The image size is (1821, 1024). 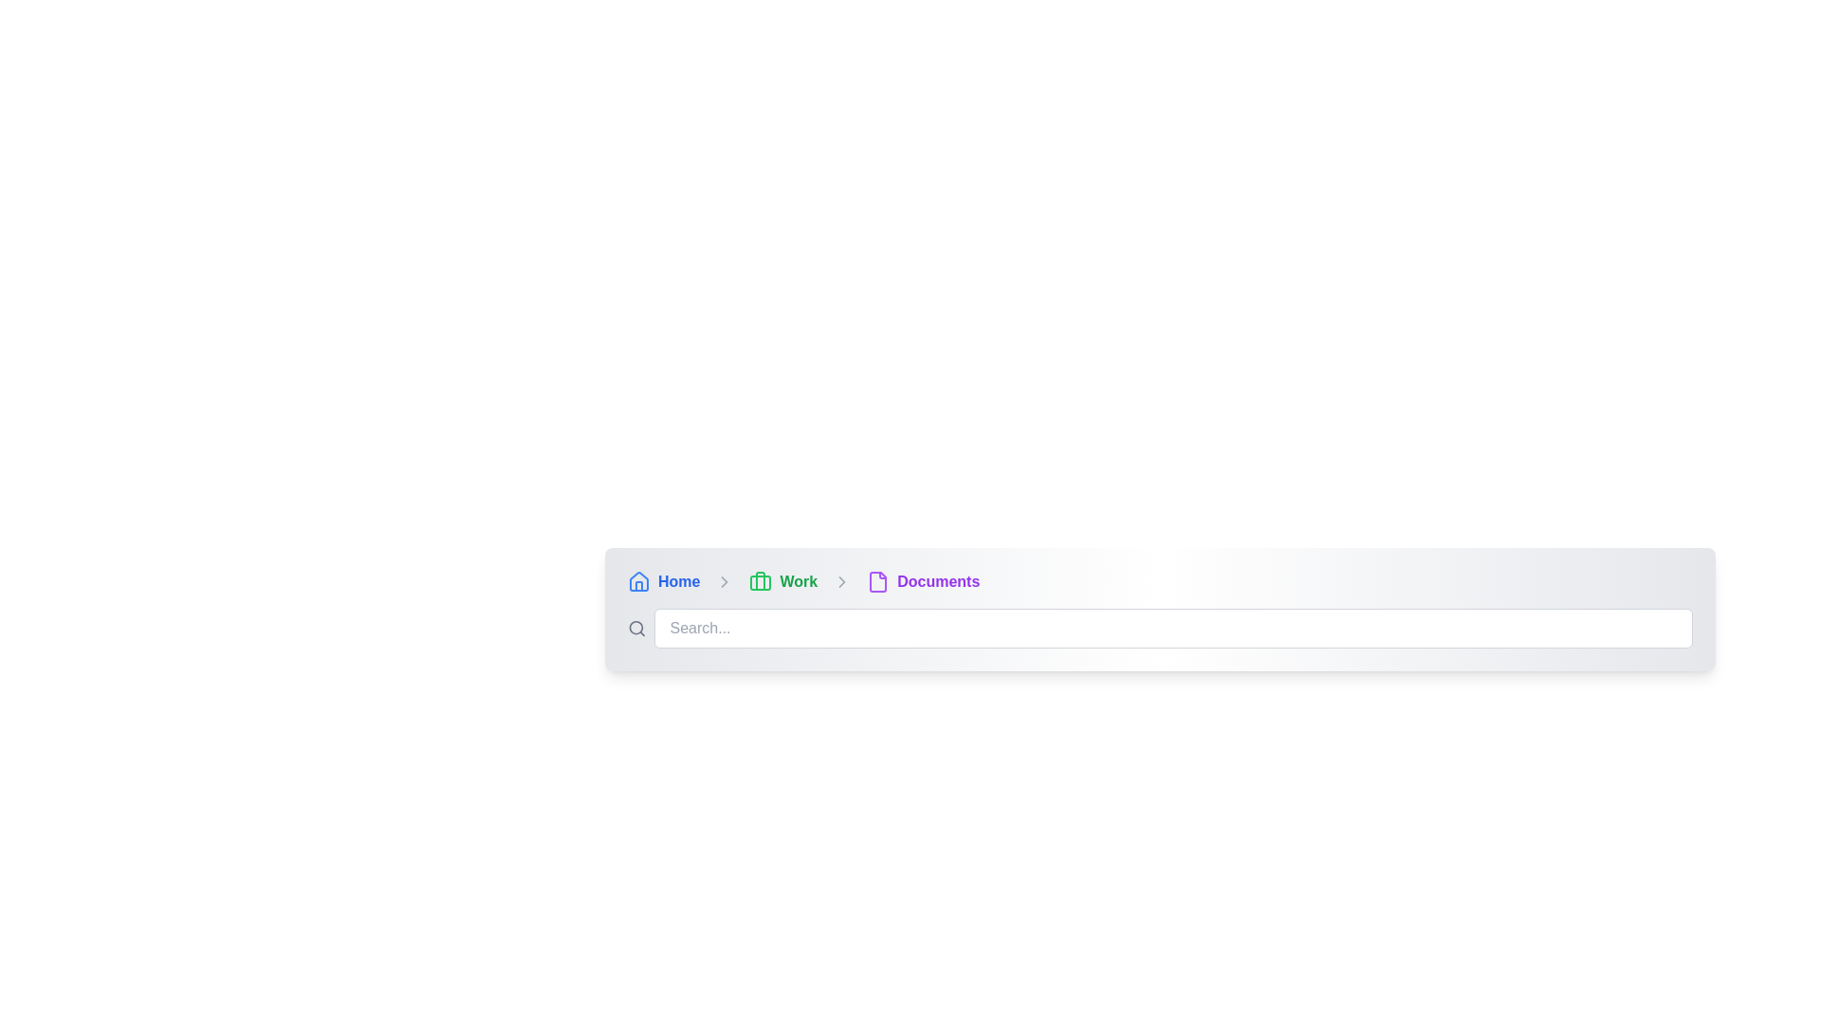 What do you see at coordinates (783, 580) in the screenshot?
I see `the second breadcrumb navigation link, which consists of a green briefcase icon followed by the text 'Work', located between 'Home' and 'Documents' in the breadcrumb navigation bar` at bounding box center [783, 580].